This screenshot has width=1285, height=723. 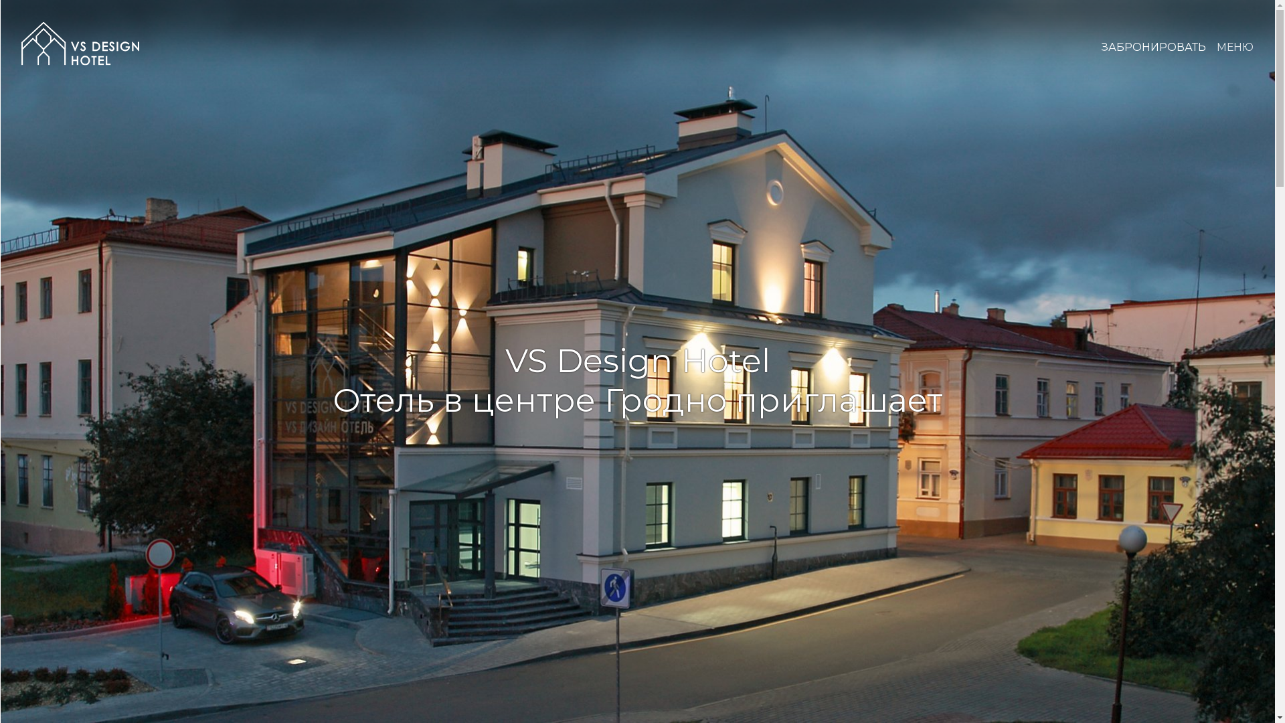 What do you see at coordinates (80, 43) in the screenshot?
I see `'VS Design Hotel'` at bounding box center [80, 43].